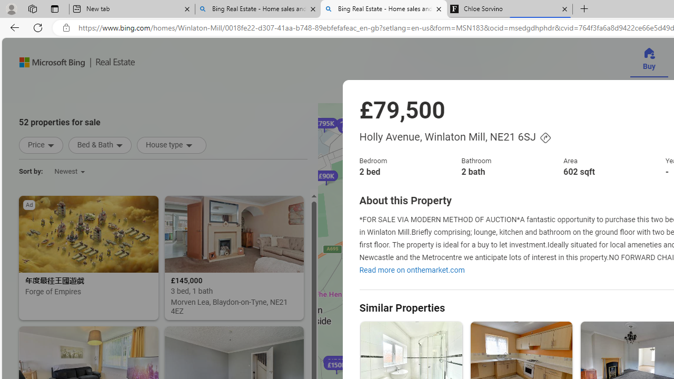 This screenshot has height=379, width=674. Describe the element at coordinates (509, 9) in the screenshot. I see `'Chloe Sorvino'` at that location.